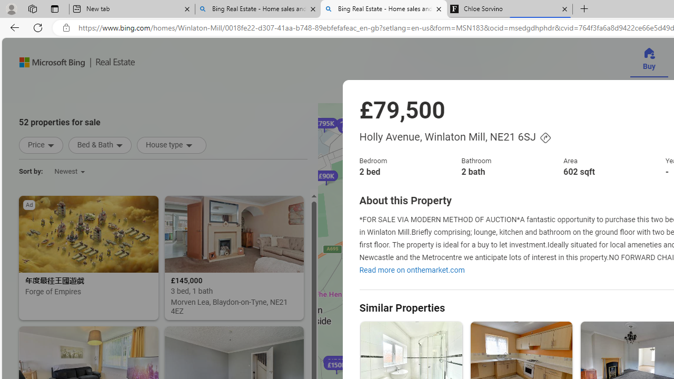 This screenshot has height=379, width=674. Describe the element at coordinates (509, 9) in the screenshot. I see `'Chloe Sorvino'` at that location.